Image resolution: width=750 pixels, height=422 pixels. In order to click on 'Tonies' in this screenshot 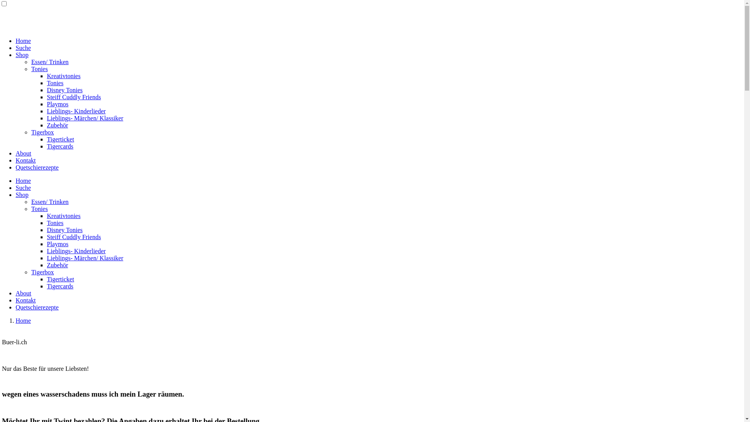, I will do `click(39, 208)`.